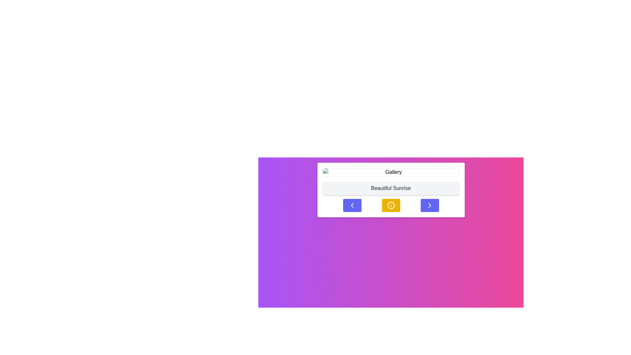 Image resolution: width=631 pixels, height=355 pixels. Describe the element at coordinates (391, 205) in the screenshot. I see `the button located below the text 'Beautiful Sunrise', positioned` at that location.